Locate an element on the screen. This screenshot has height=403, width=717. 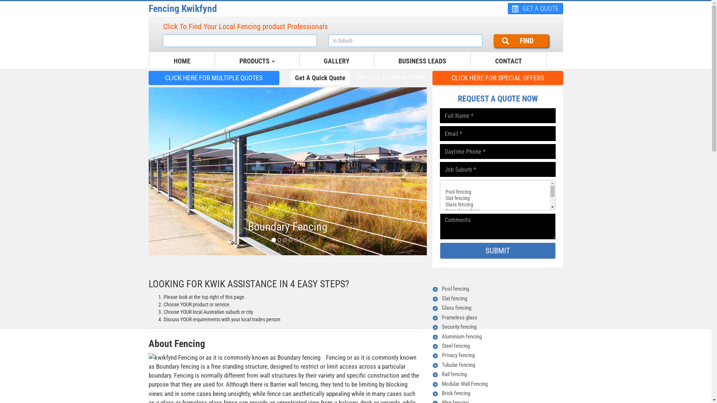
'FIND' is located at coordinates (521, 41).